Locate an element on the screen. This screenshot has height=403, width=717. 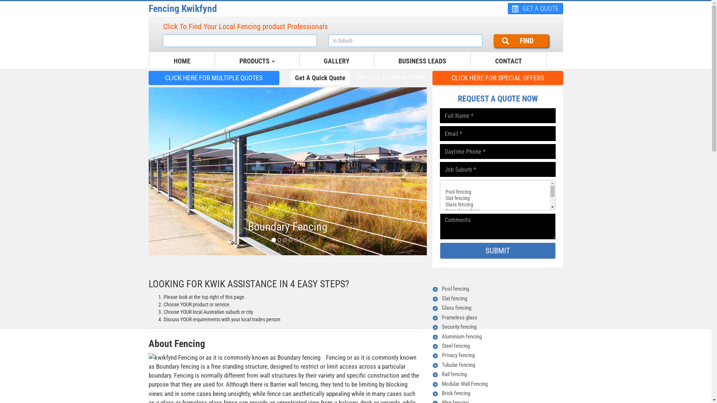
'FIND' is located at coordinates (521, 41).